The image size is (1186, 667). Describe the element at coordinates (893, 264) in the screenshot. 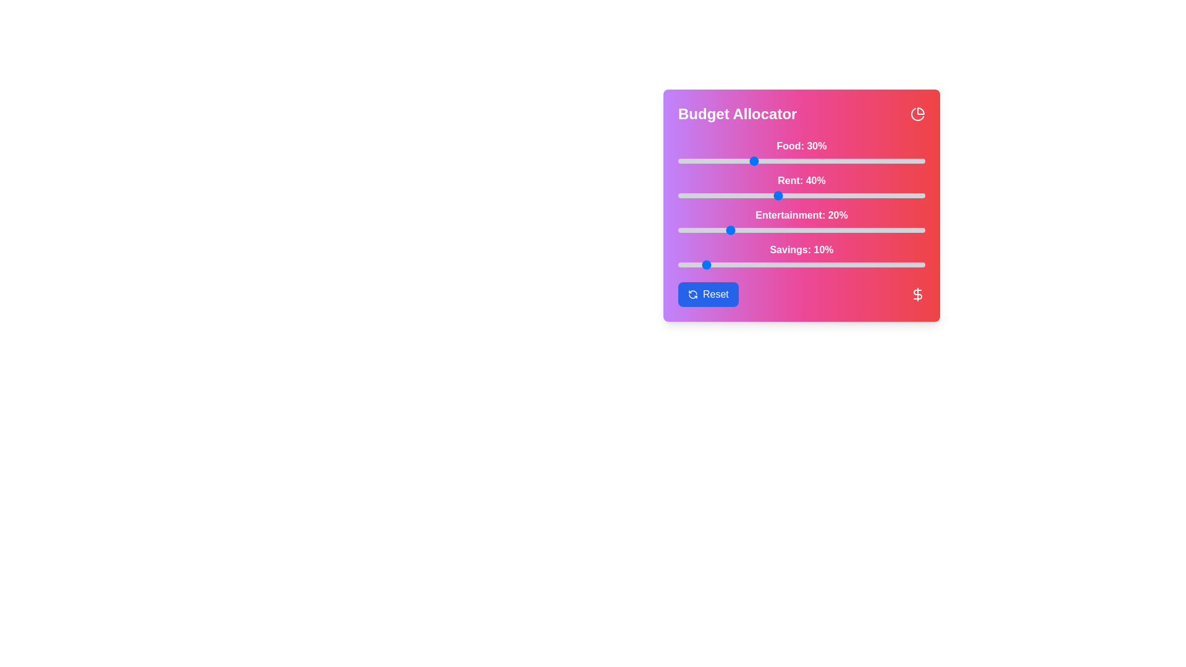

I see `the savings percentage` at that location.